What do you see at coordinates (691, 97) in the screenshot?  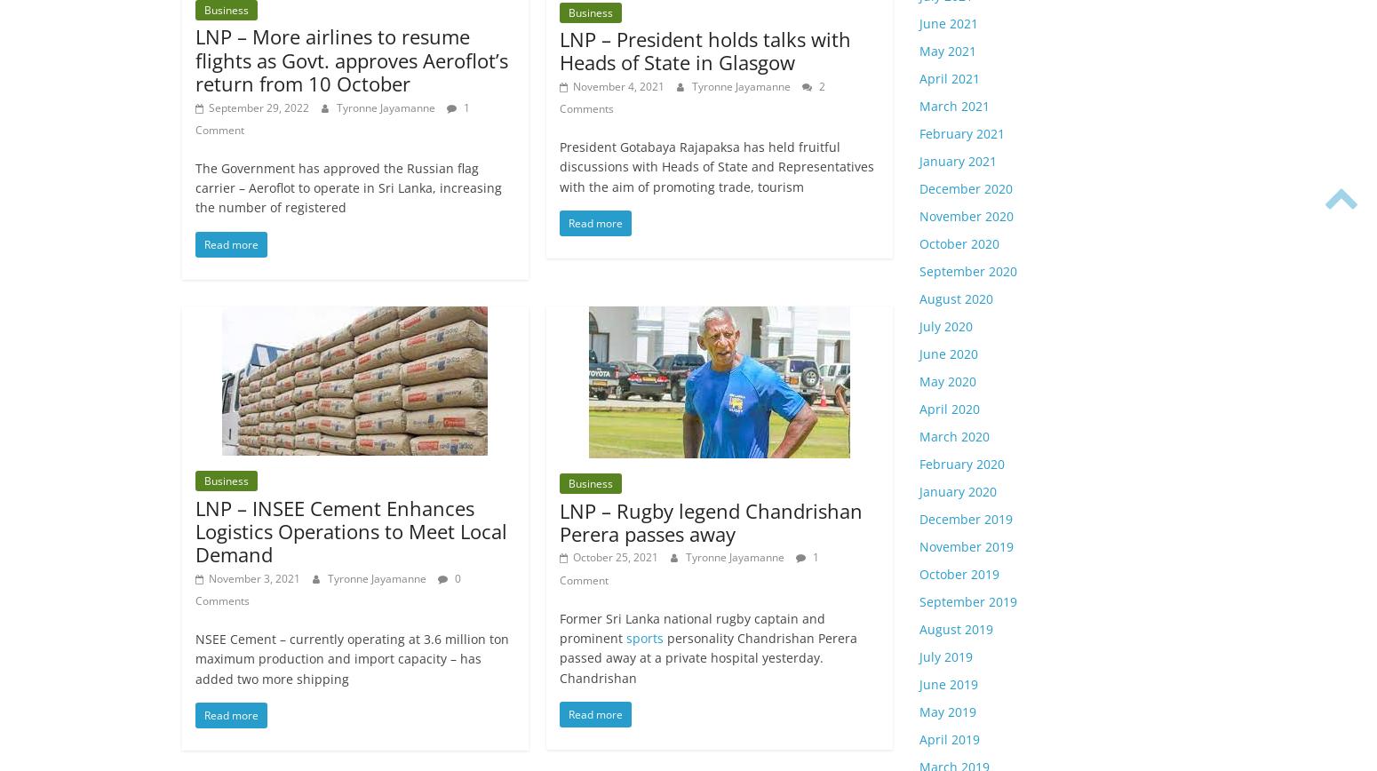 I see `'2 Comments'` at bounding box center [691, 97].